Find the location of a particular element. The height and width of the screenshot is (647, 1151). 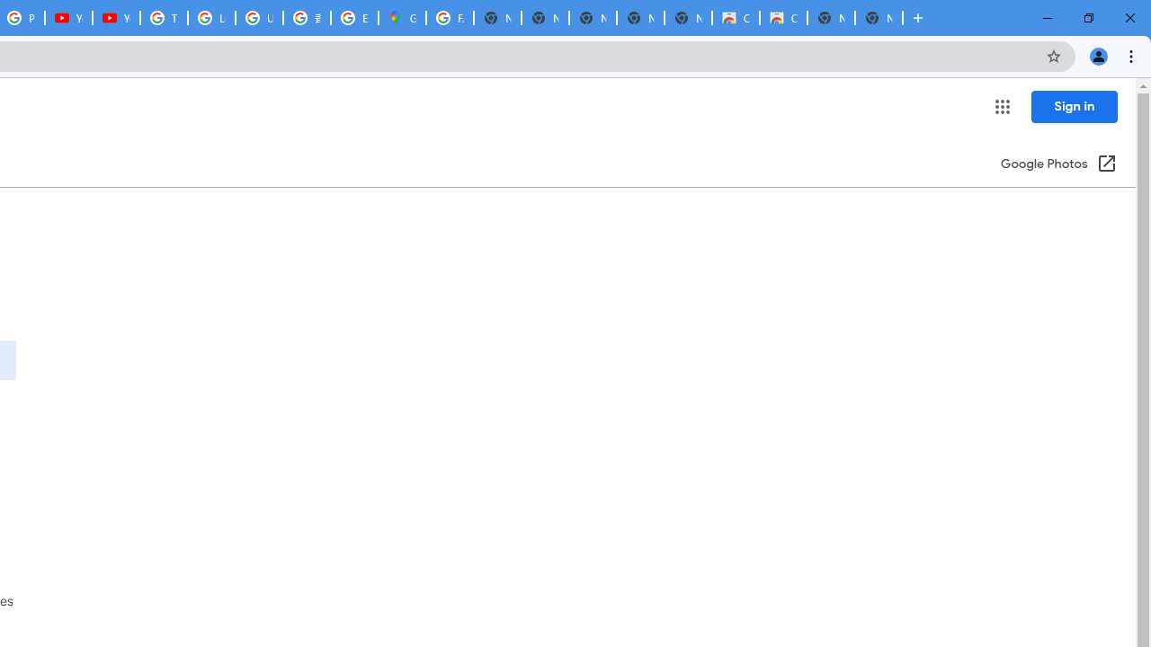

'New Tab' is located at coordinates (879, 18).